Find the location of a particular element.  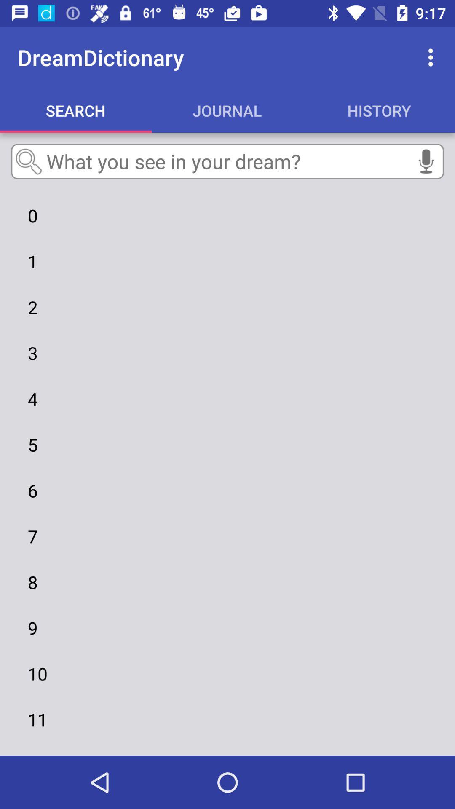

text box just above the numeric 0 is located at coordinates (227, 161).